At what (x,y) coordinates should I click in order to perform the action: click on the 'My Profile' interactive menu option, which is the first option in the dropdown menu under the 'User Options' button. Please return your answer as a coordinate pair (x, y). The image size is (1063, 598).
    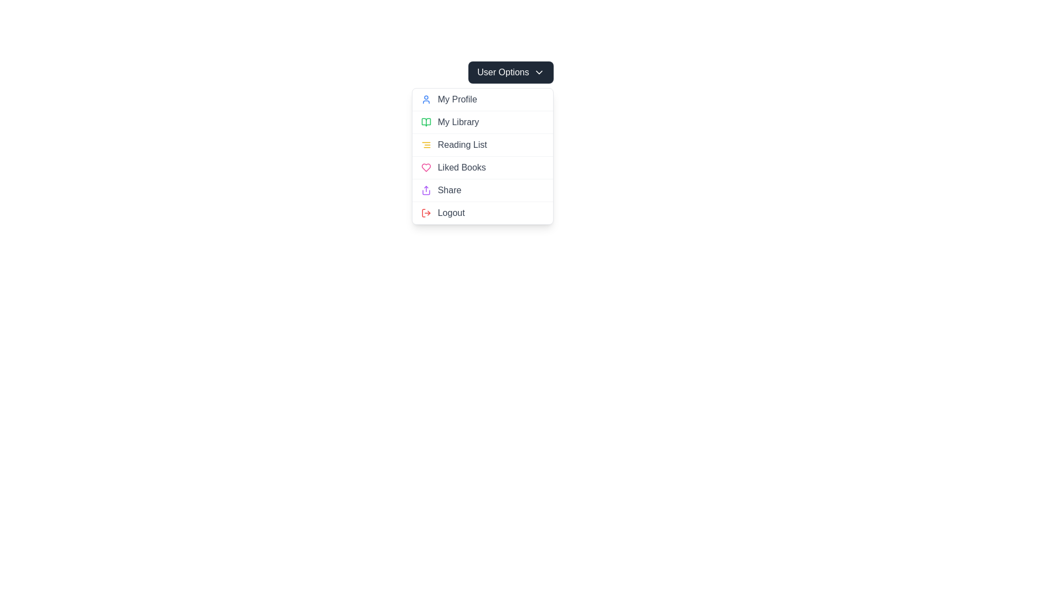
    Looking at the image, I should click on (482, 100).